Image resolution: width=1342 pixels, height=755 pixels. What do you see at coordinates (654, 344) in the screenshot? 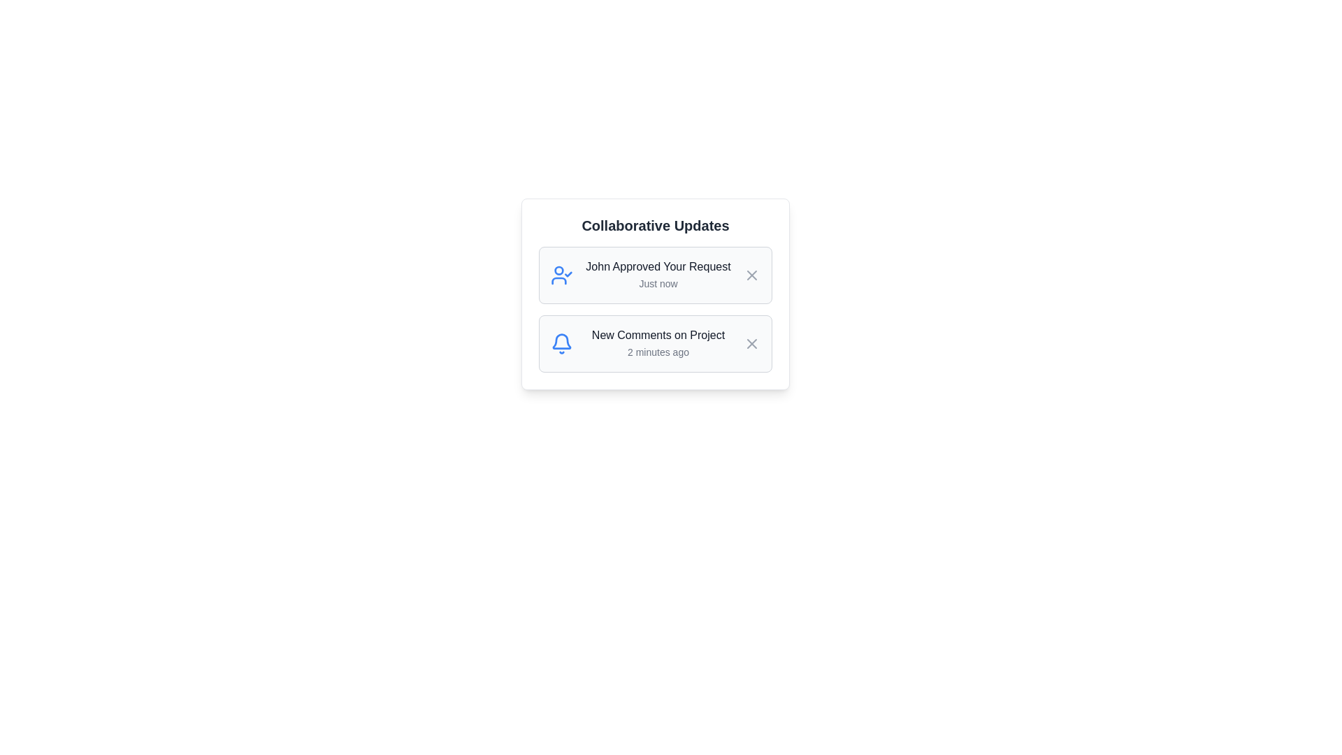
I see `the notification card that informs the user about new comments on a project, located within the 'Collaborative Updates' panel, specifically the second card in the vertical stack` at bounding box center [654, 344].